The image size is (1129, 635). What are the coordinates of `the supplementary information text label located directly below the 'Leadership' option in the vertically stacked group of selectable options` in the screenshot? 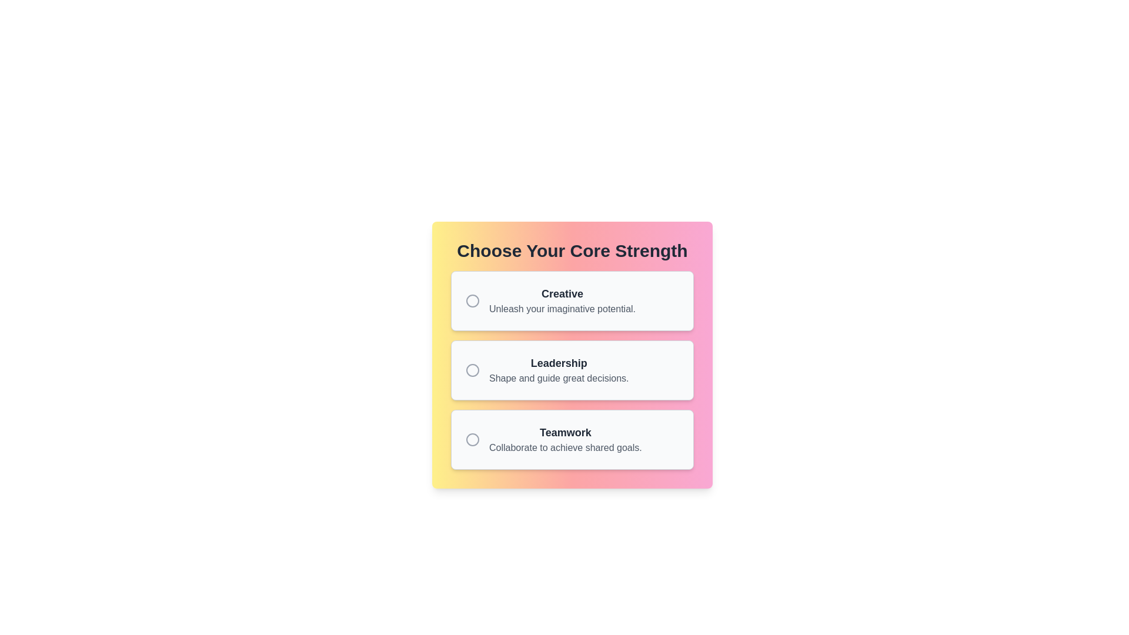 It's located at (558, 379).